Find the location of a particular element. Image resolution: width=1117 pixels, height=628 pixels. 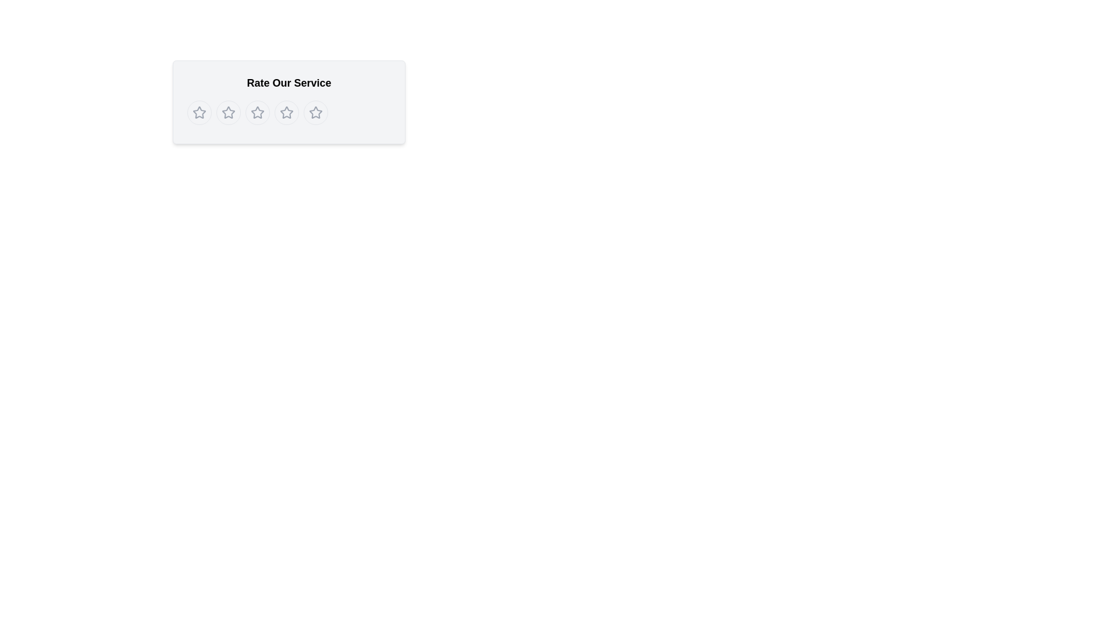

the circular button with a star icon in its center is located at coordinates (287, 112).